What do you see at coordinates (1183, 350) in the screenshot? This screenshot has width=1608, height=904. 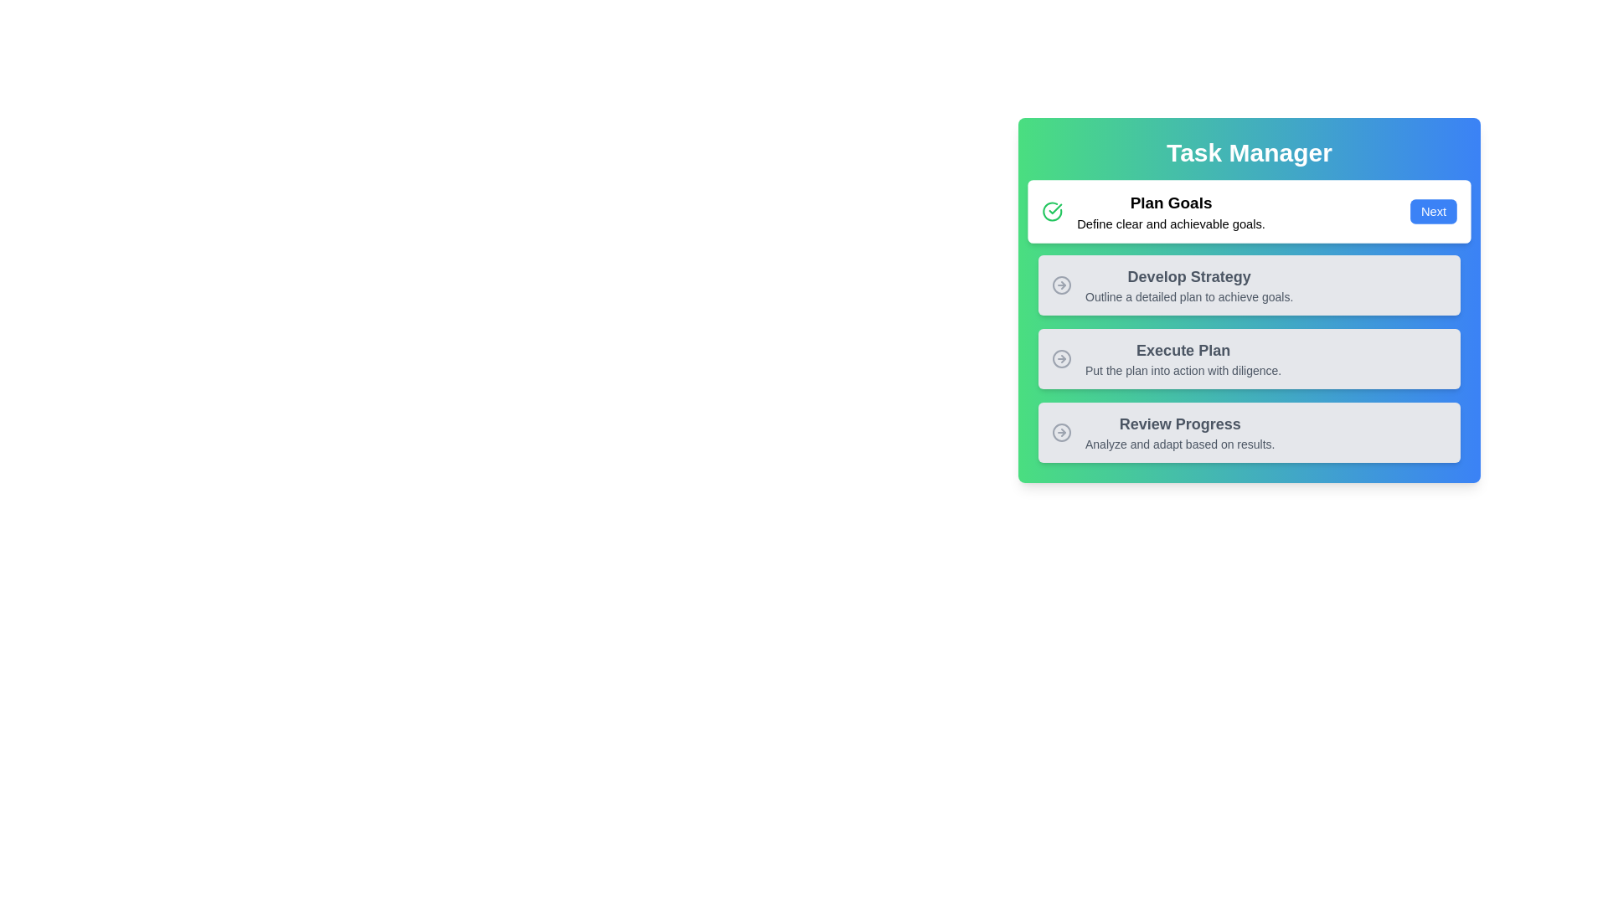 I see `the static text element that serves as the title for a task step in the 'Task Manager' card interface` at bounding box center [1183, 350].